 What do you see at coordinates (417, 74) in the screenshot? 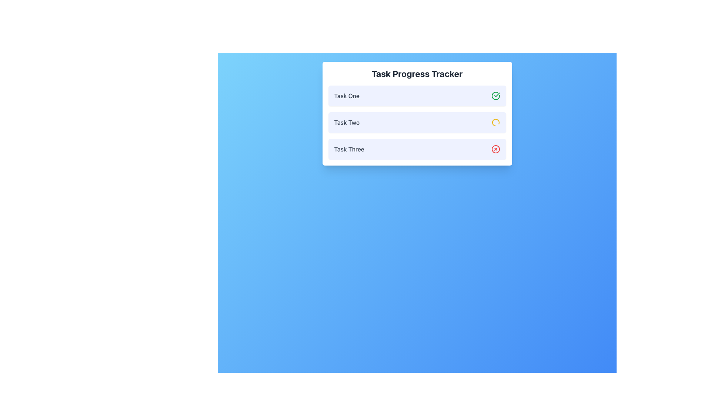
I see `text content of the prominent title element located at the top of the task progress tracking card, which serves as the header for the card layout` at bounding box center [417, 74].